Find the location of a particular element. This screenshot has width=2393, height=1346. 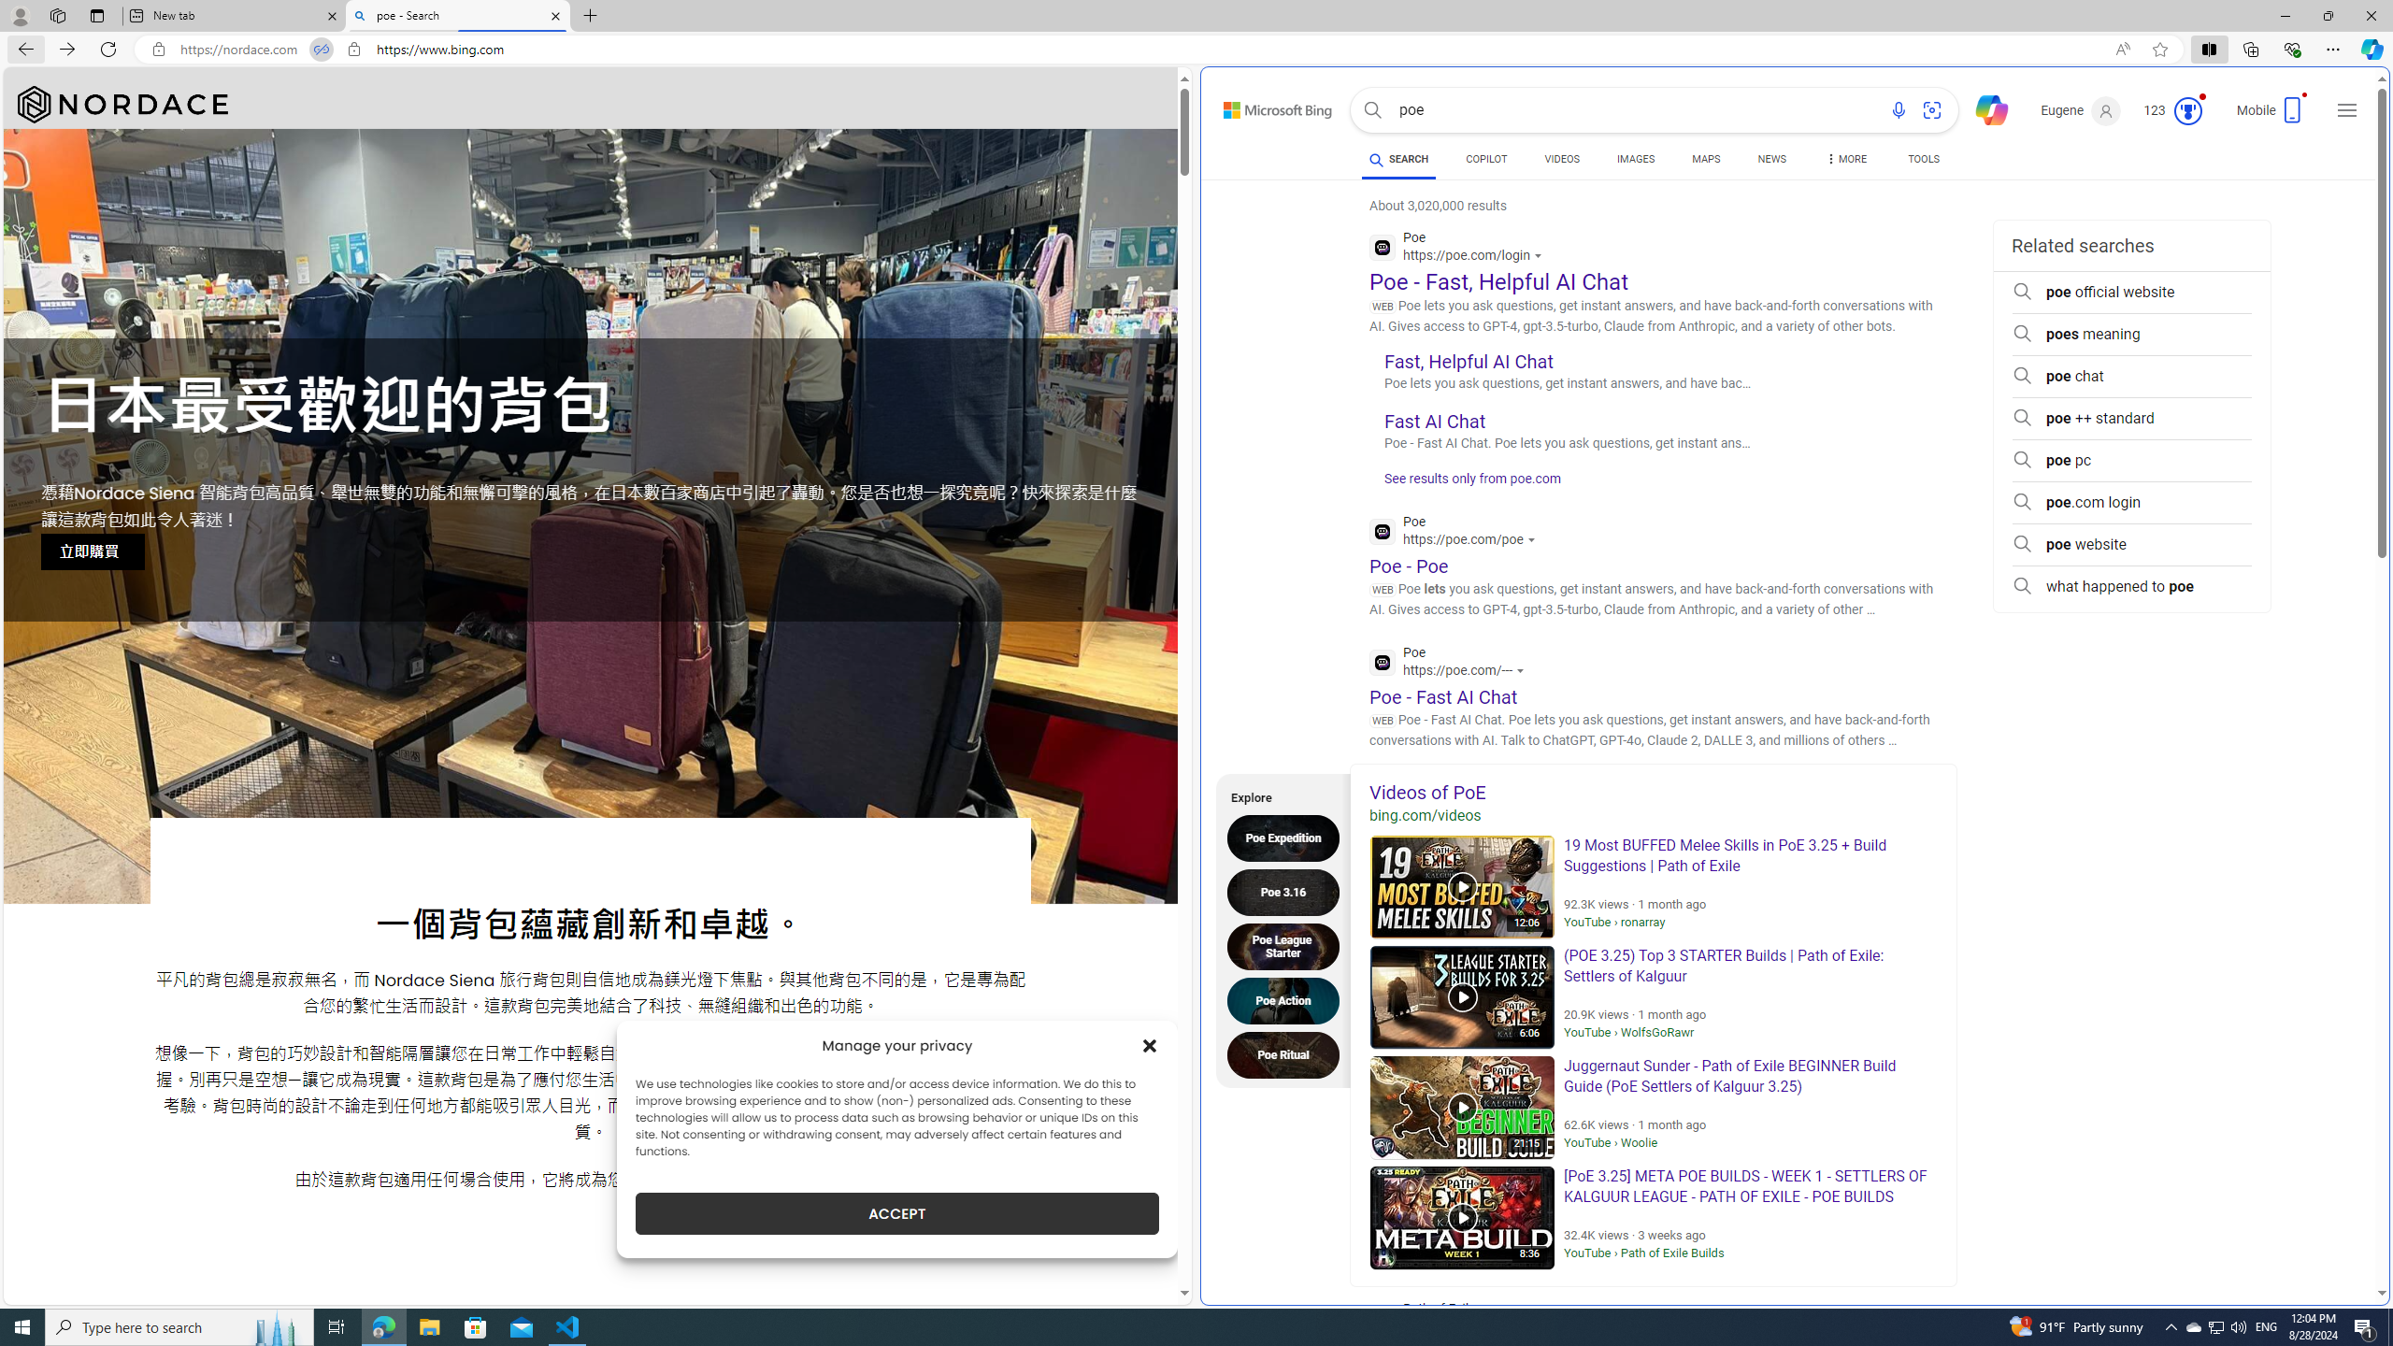

'IMAGES' is located at coordinates (1636, 161).